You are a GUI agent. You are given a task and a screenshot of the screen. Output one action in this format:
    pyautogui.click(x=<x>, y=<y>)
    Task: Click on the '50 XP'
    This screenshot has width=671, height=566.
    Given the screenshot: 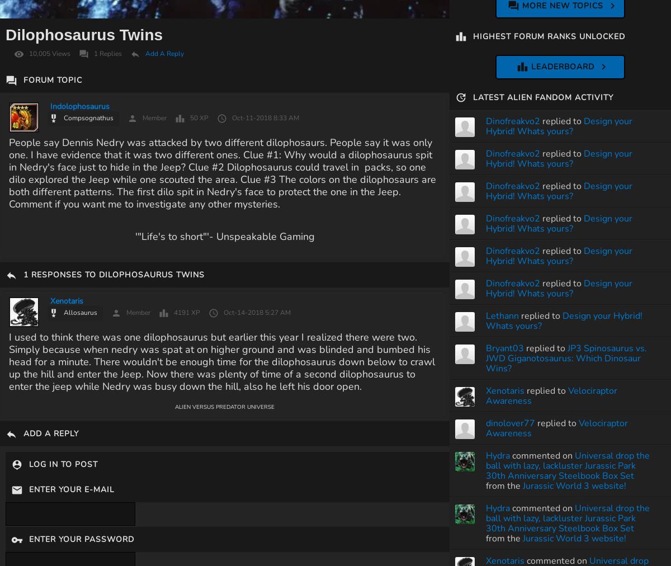 What is the action you would take?
    pyautogui.click(x=199, y=118)
    